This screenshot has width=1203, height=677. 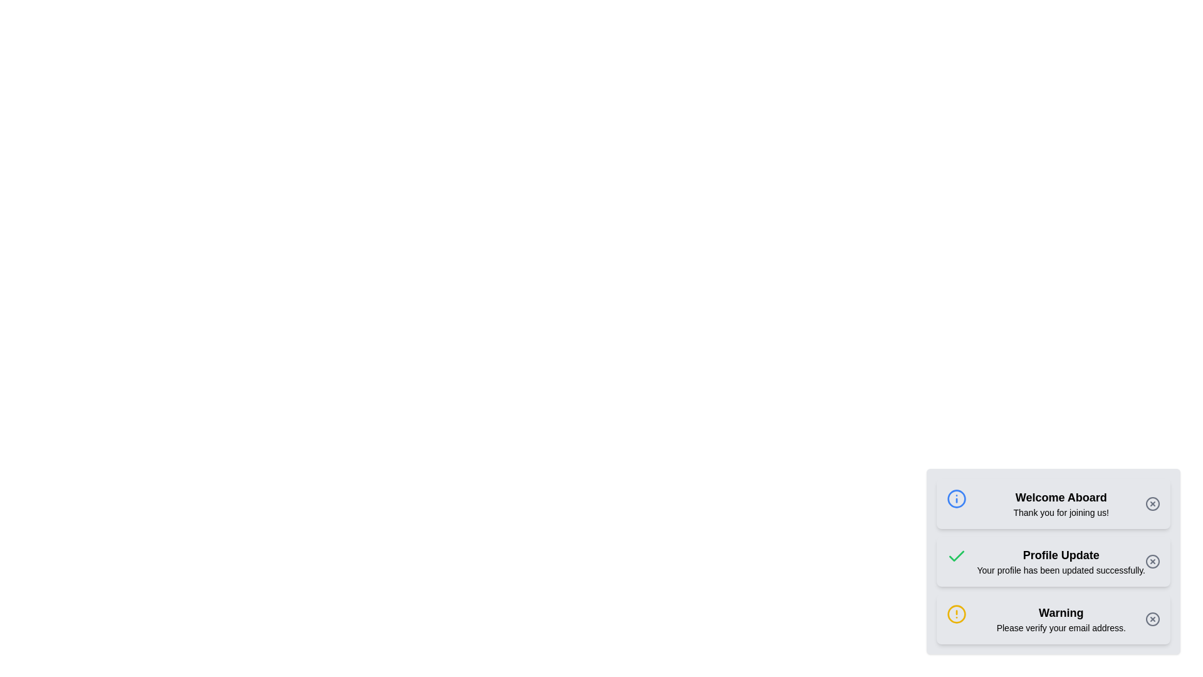 What do you see at coordinates (1060, 512) in the screenshot?
I see `the friendly and welcoming text label positioned directly below the 'Welcome Aboard' heading` at bounding box center [1060, 512].